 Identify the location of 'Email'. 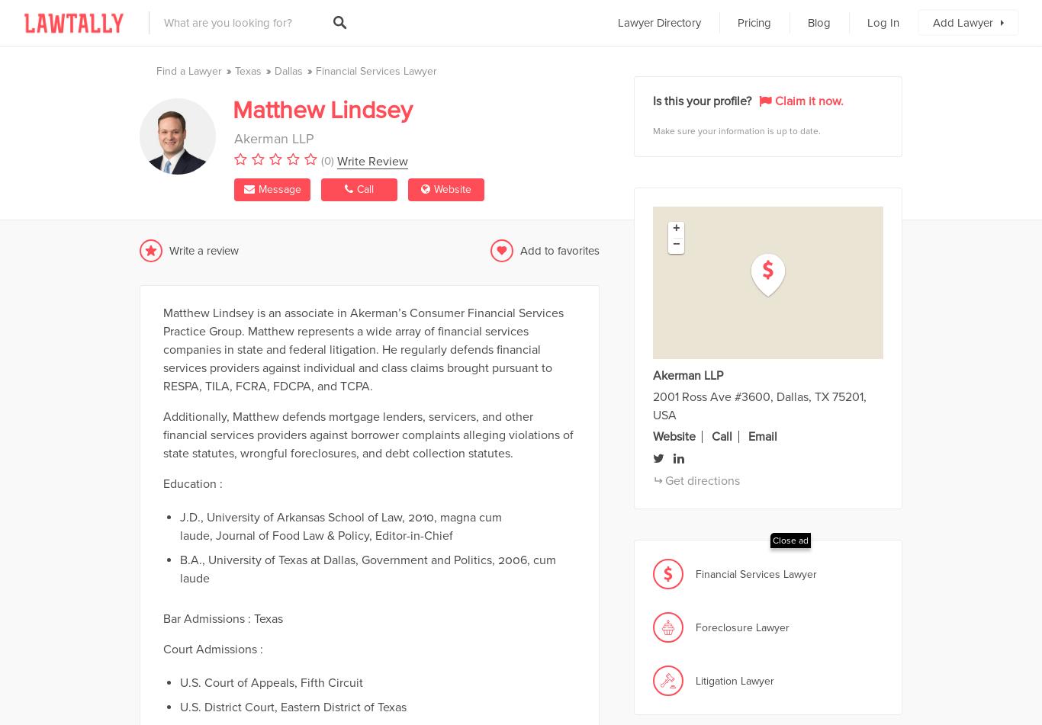
(761, 435).